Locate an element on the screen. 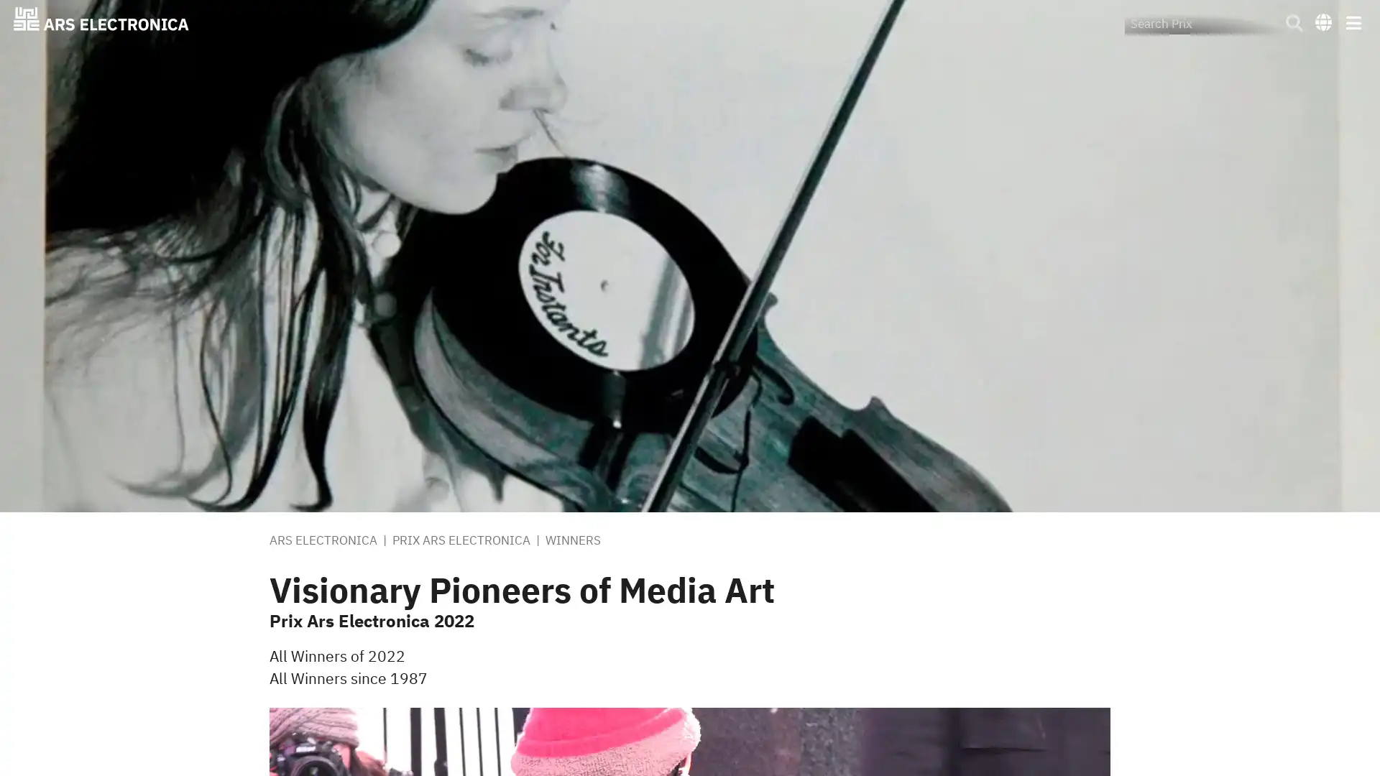 The image size is (1380, 776). Toggle navigation is located at coordinates (1352, 22).